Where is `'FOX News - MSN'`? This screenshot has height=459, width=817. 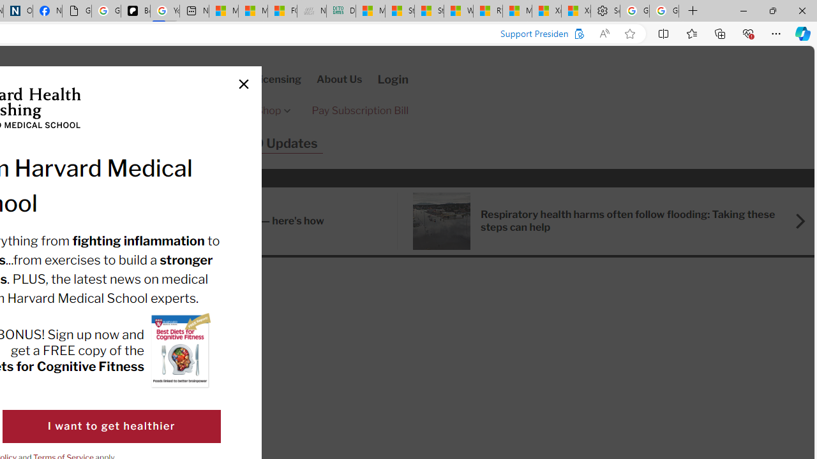
'FOX News - MSN' is located at coordinates (281, 11).